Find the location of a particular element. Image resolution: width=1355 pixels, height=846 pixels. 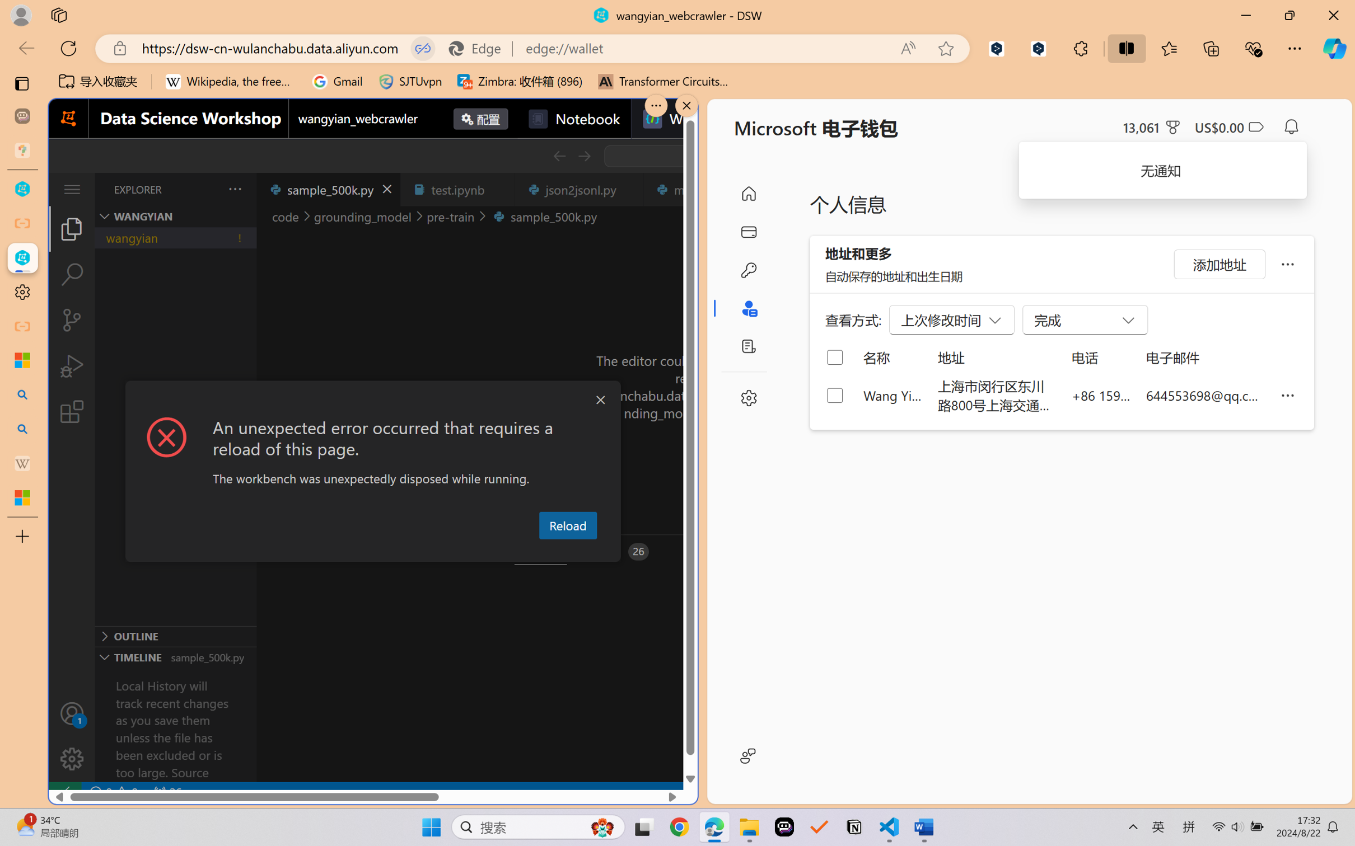

'Microsoft security help and learning' is located at coordinates (22, 360).